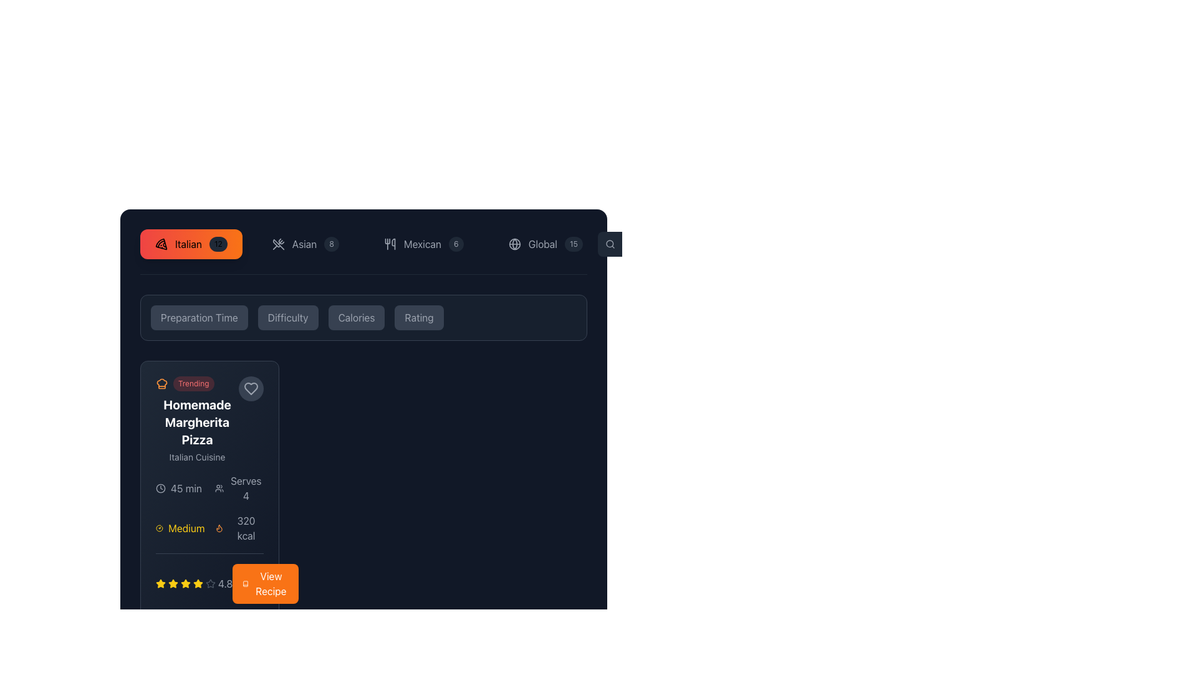  What do you see at coordinates (209, 584) in the screenshot?
I see `the fifth rating star icon in the recipe card` at bounding box center [209, 584].